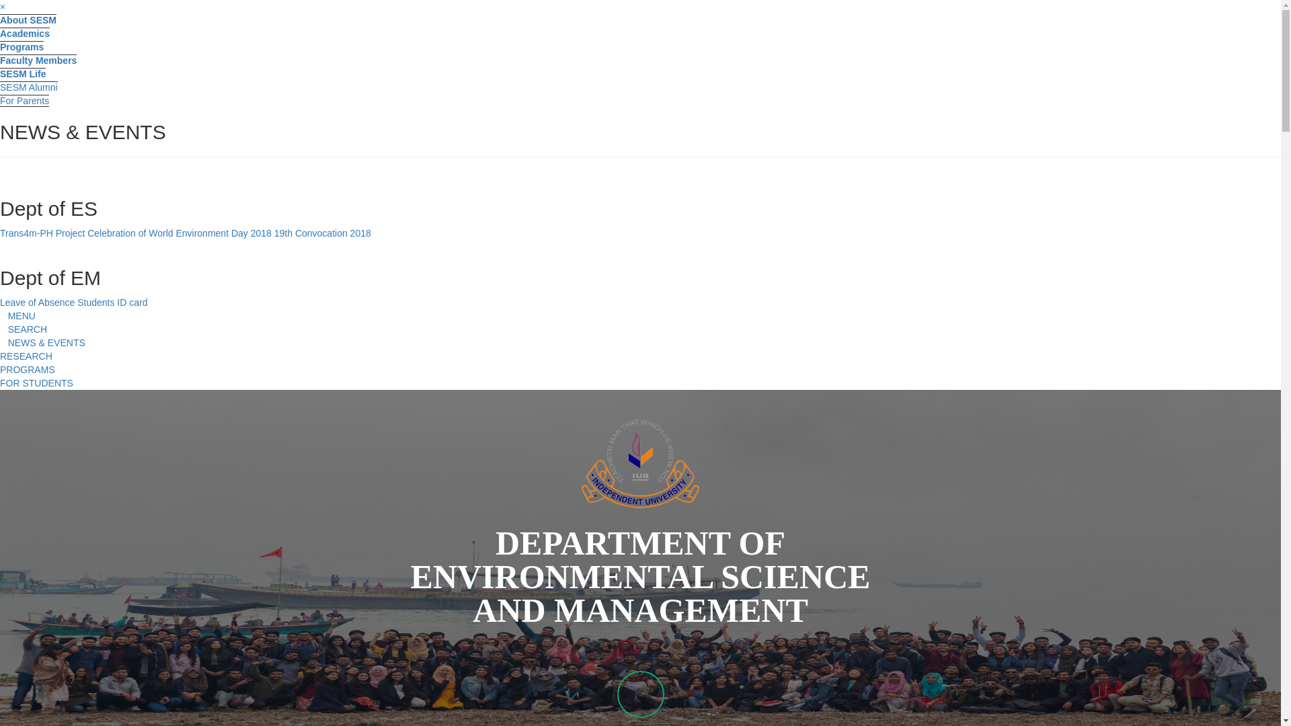  Describe the element at coordinates (639, 341) in the screenshot. I see `'   NEWS & EVENTS'` at that location.